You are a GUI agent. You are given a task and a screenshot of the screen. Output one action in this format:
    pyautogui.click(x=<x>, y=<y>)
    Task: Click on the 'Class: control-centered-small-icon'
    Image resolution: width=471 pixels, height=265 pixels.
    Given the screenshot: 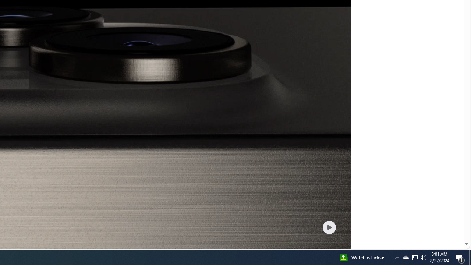 What is the action you would take?
    pyautogui.click(x=329, y=227)
    